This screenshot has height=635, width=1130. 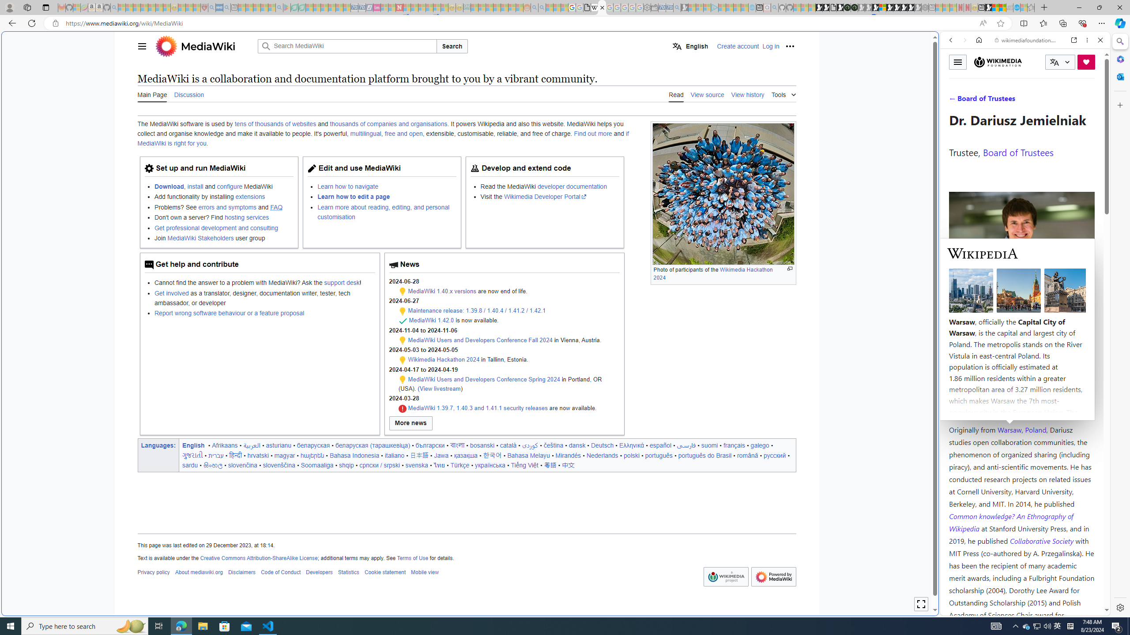 I want to click on 'Wallet - Sleeping', so click(x=655, y=7).